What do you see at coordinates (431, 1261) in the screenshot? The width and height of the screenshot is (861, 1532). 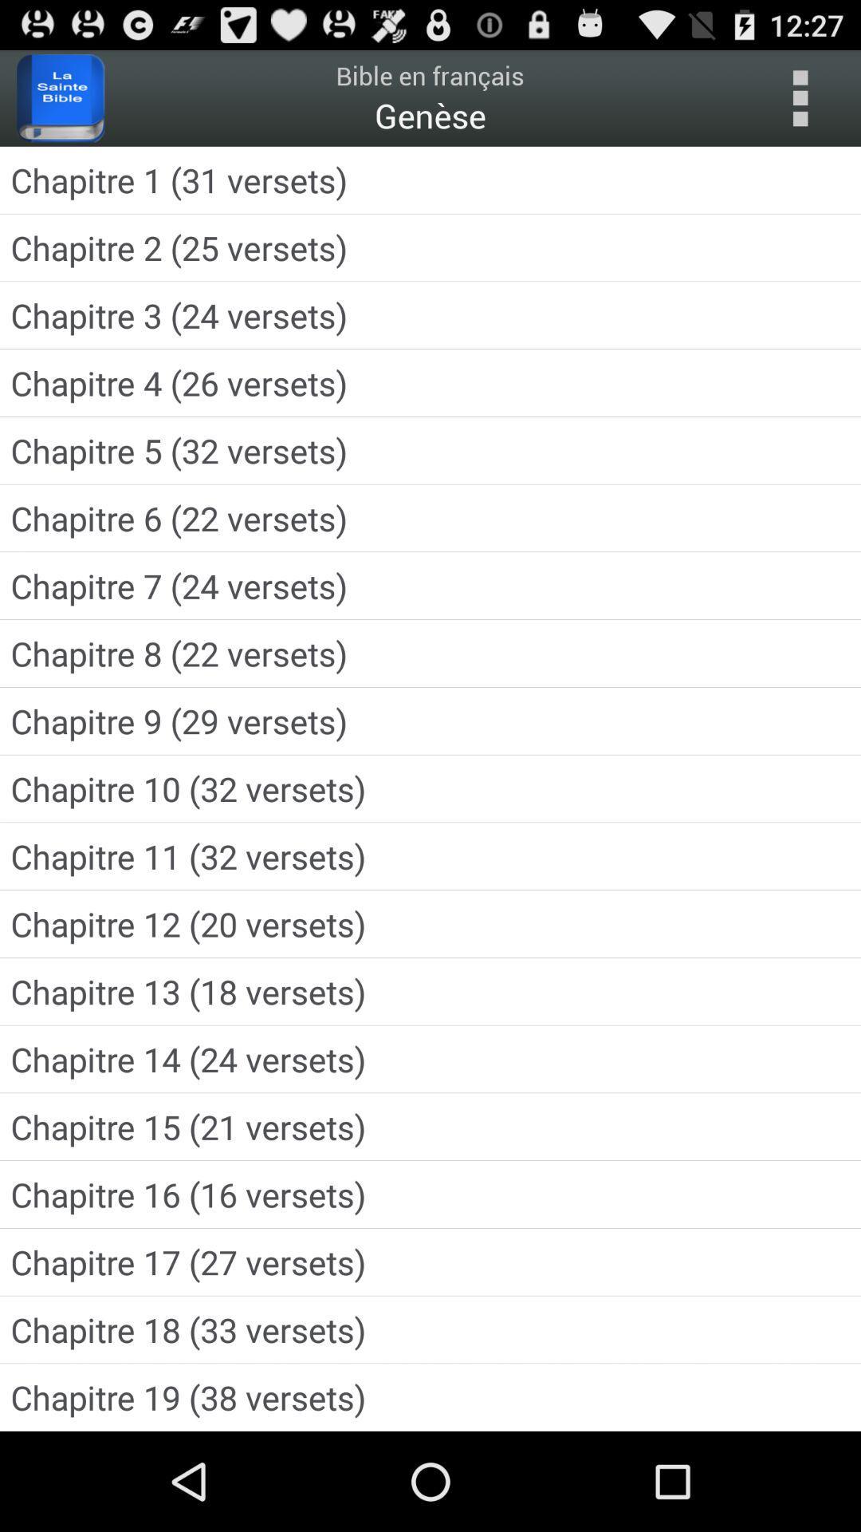 I see `the chapitre 17 27` at bounding box center [431, 1261].